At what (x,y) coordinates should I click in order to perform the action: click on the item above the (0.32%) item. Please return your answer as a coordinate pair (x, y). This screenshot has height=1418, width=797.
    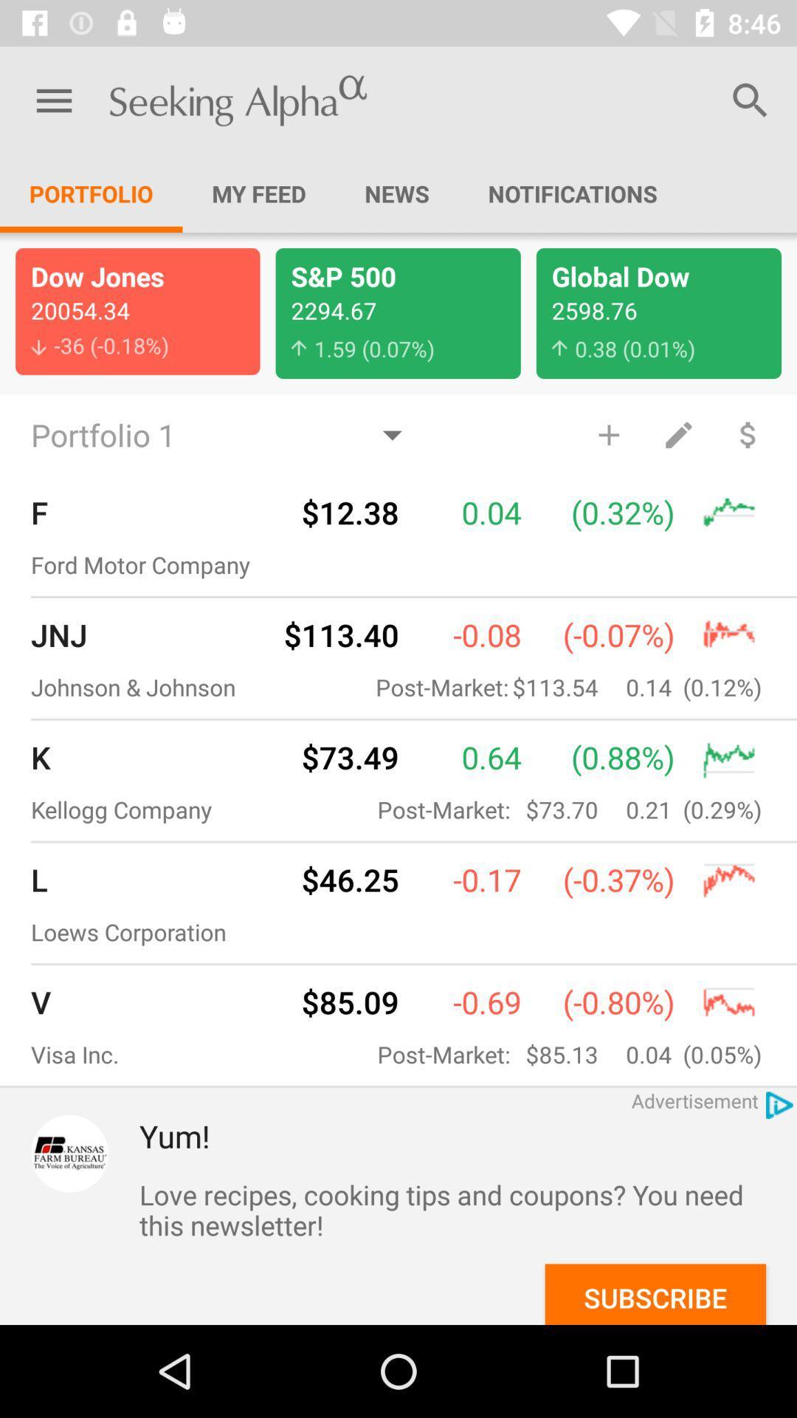
    Looking at the image, I should click on (609, 434).